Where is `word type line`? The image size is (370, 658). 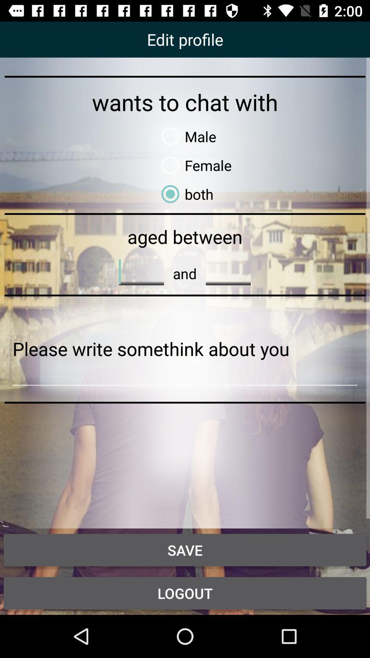 word type line is located at coordinates (228, 271).